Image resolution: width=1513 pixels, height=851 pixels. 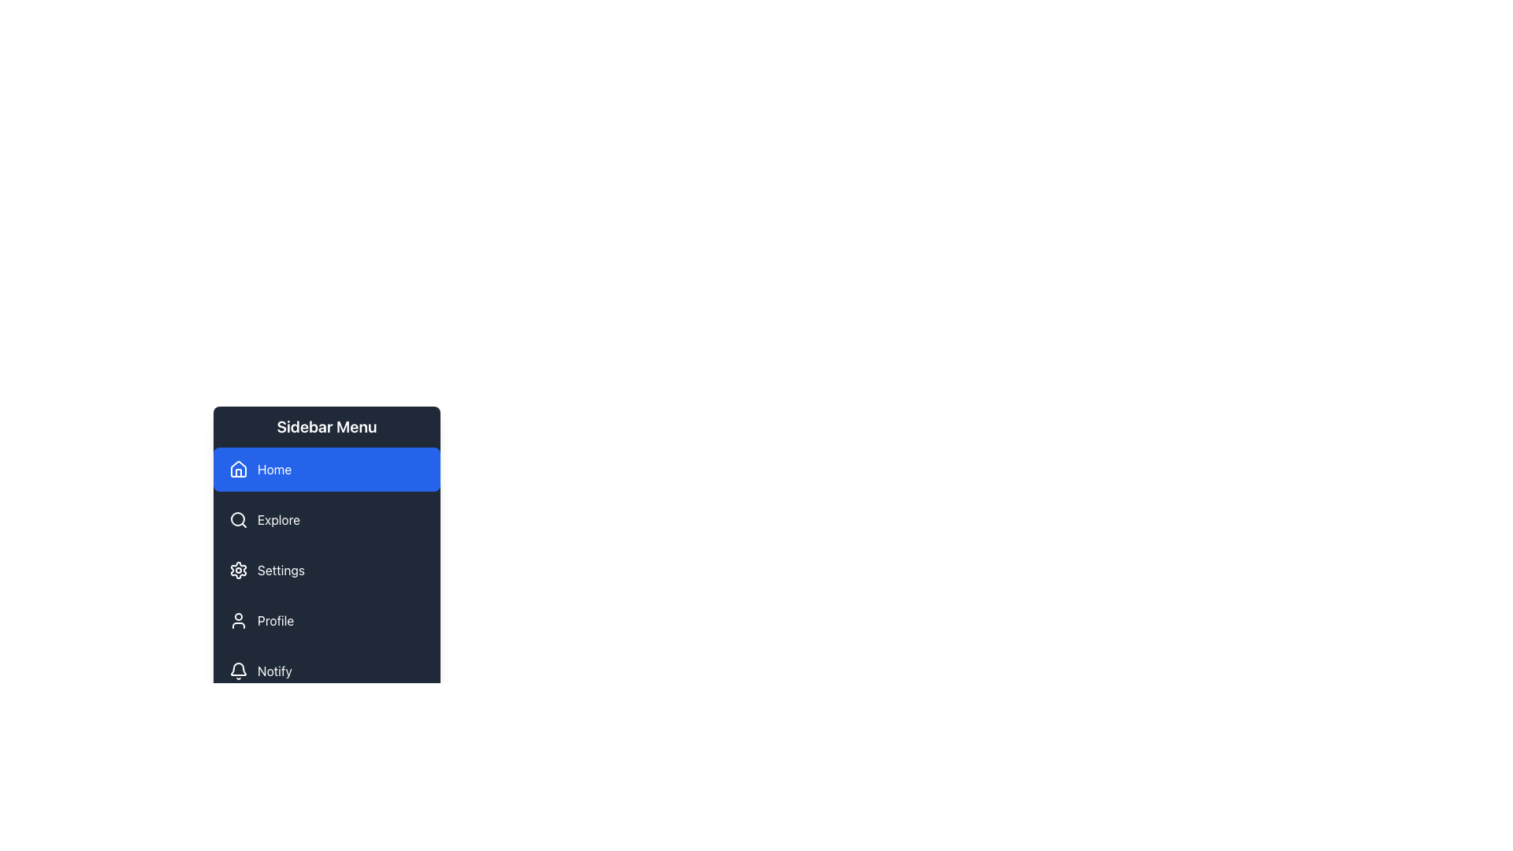 I want to click on the gear icon in the settings menu located in the sidebar, positioned below 'Explore' and above 'Profile', so click(x=237, y=570).